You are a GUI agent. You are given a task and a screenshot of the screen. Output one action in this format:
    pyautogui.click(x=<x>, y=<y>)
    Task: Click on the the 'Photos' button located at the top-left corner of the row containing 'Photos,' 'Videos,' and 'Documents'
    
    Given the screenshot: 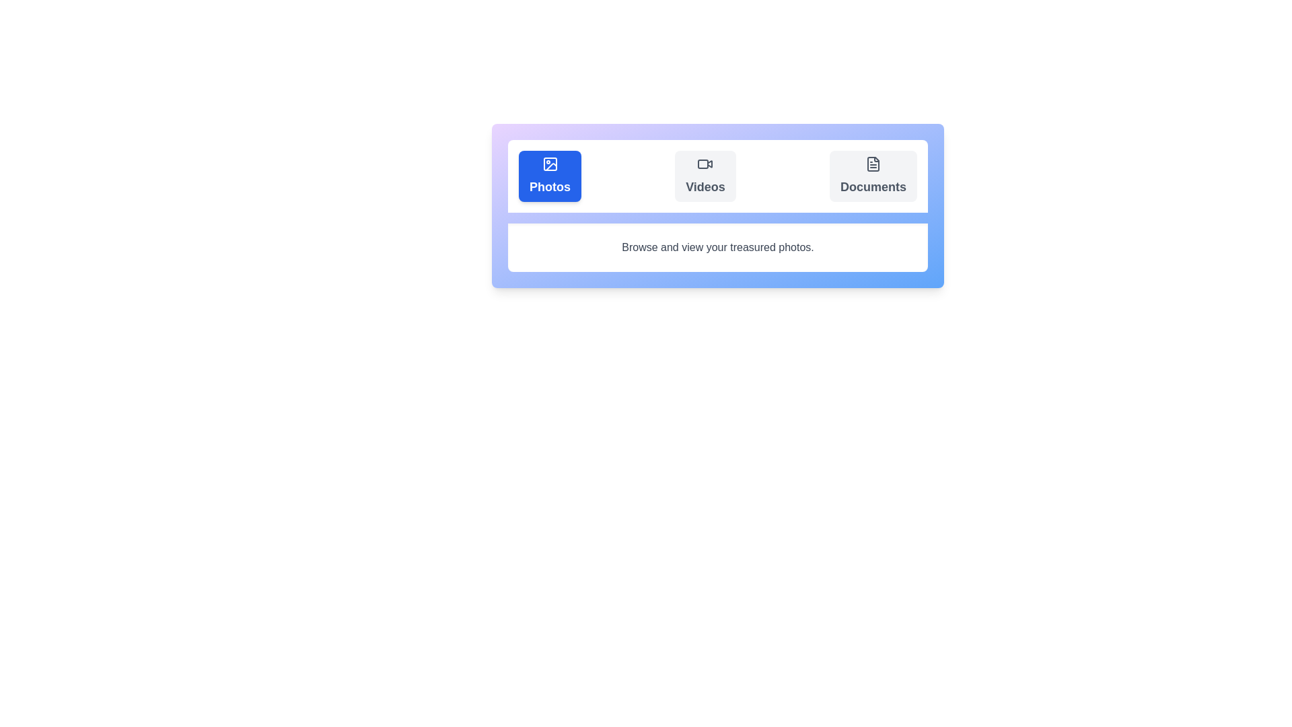 What is the action you would take?
    pyautogui.click(x=550, y=163)
    